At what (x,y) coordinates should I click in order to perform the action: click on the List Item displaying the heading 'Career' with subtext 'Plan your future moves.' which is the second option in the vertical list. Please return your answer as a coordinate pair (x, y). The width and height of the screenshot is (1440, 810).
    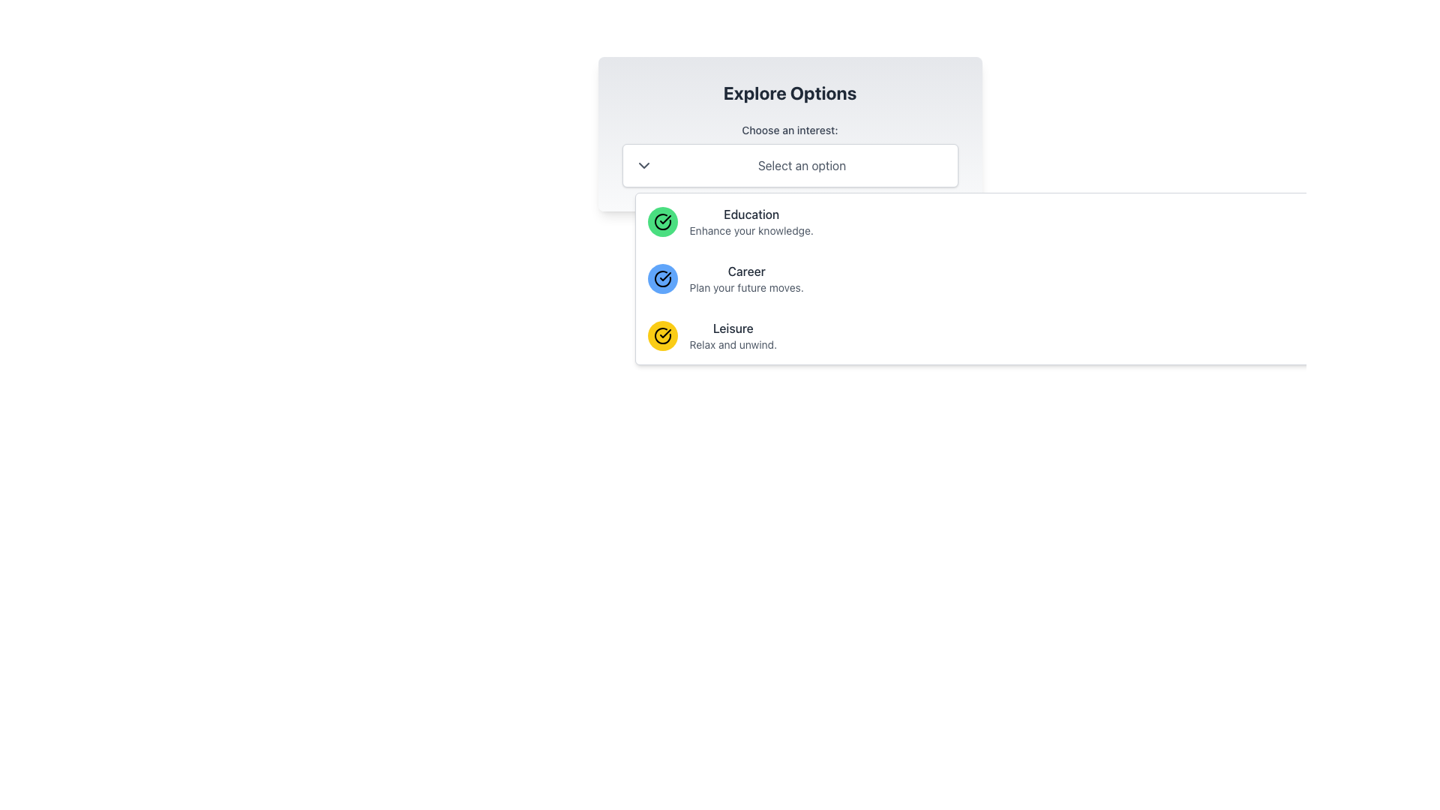
    Looking at the image, I should click on (746, 278).